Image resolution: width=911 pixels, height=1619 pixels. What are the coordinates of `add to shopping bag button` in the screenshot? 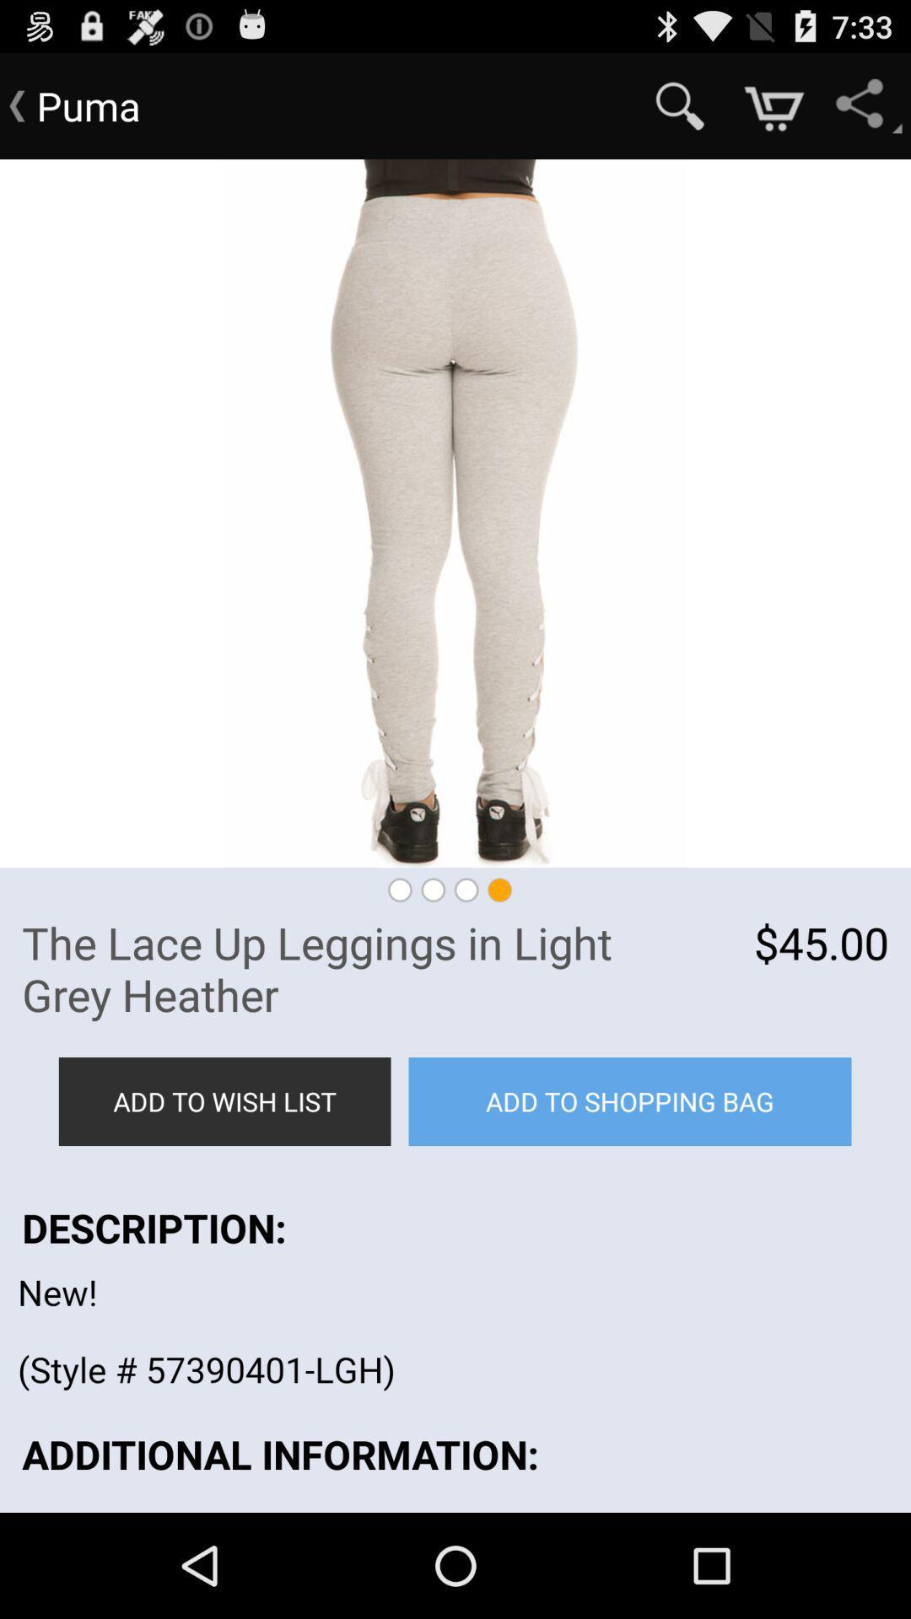 It's located at (630, 1101).